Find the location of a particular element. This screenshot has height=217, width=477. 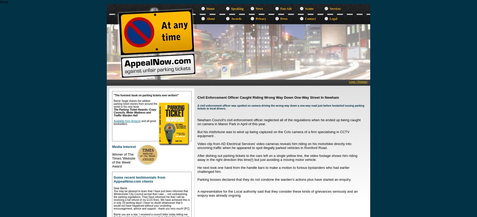

'Winner of
            The Times
            'Website of the Week' Award' is located at coordinates (123, 160).